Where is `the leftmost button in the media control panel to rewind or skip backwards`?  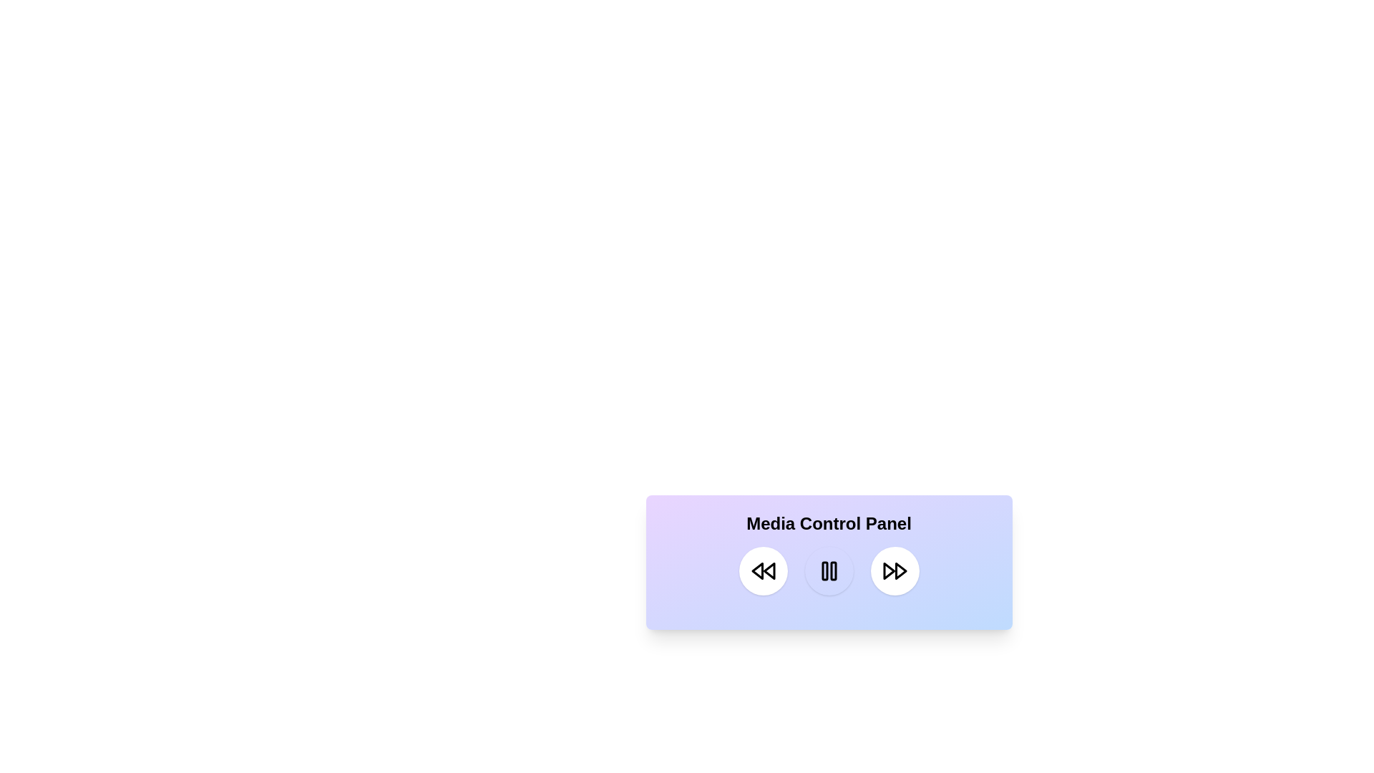
the leftmost button in the media control panel to rewind or skip backwards is located at coordinates (762, 570).